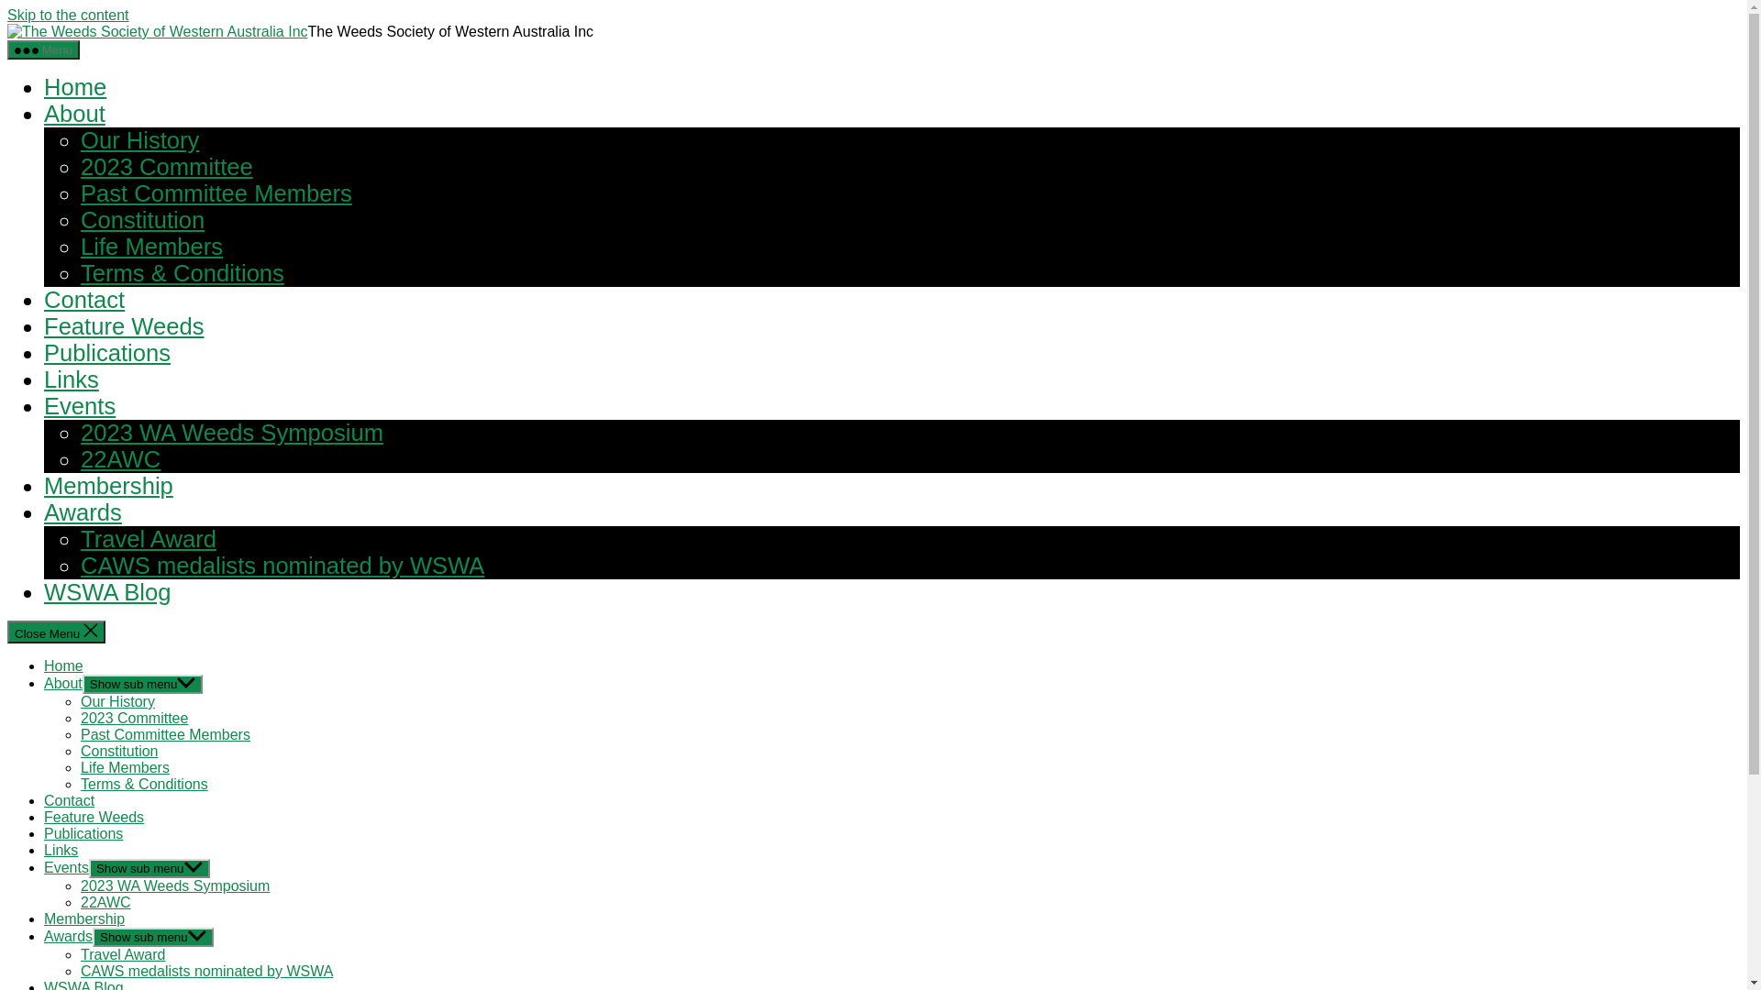  I want to click on 'Constitution', so click(79, 218).